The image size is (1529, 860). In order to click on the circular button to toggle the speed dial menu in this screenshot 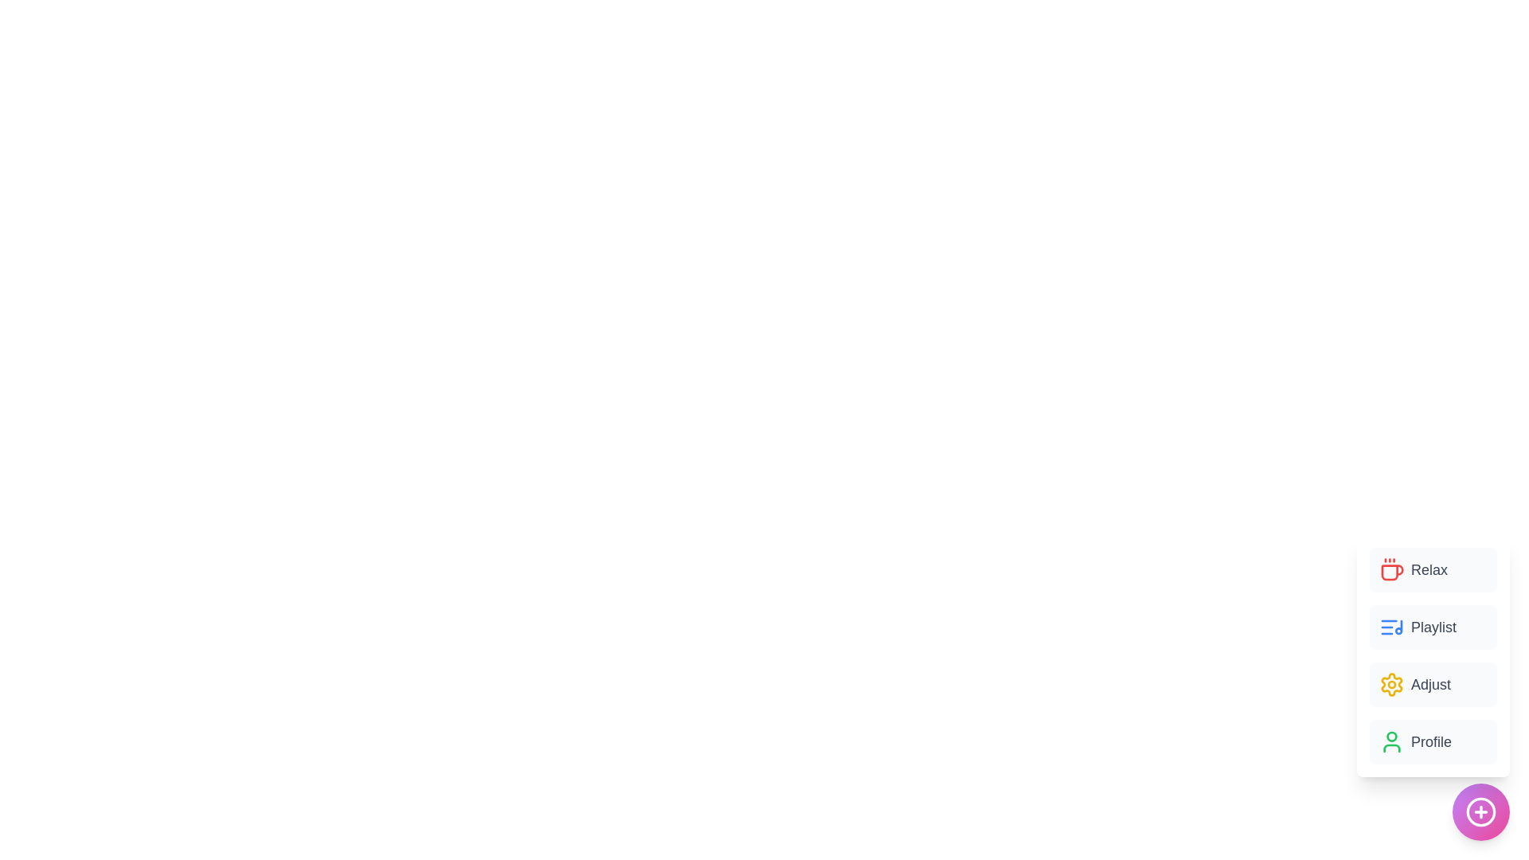, I will do `click(1480, 811)`.